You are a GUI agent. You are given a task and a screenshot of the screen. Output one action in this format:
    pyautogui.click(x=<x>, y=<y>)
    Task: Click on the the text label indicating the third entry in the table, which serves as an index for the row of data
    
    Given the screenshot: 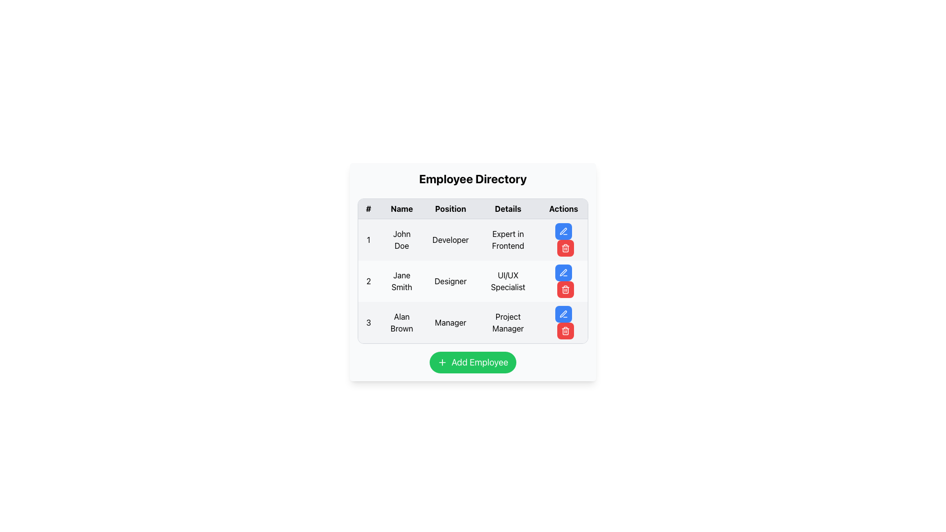 What is the action you would take?
    pyautogui.click(x=368, y=323)
    